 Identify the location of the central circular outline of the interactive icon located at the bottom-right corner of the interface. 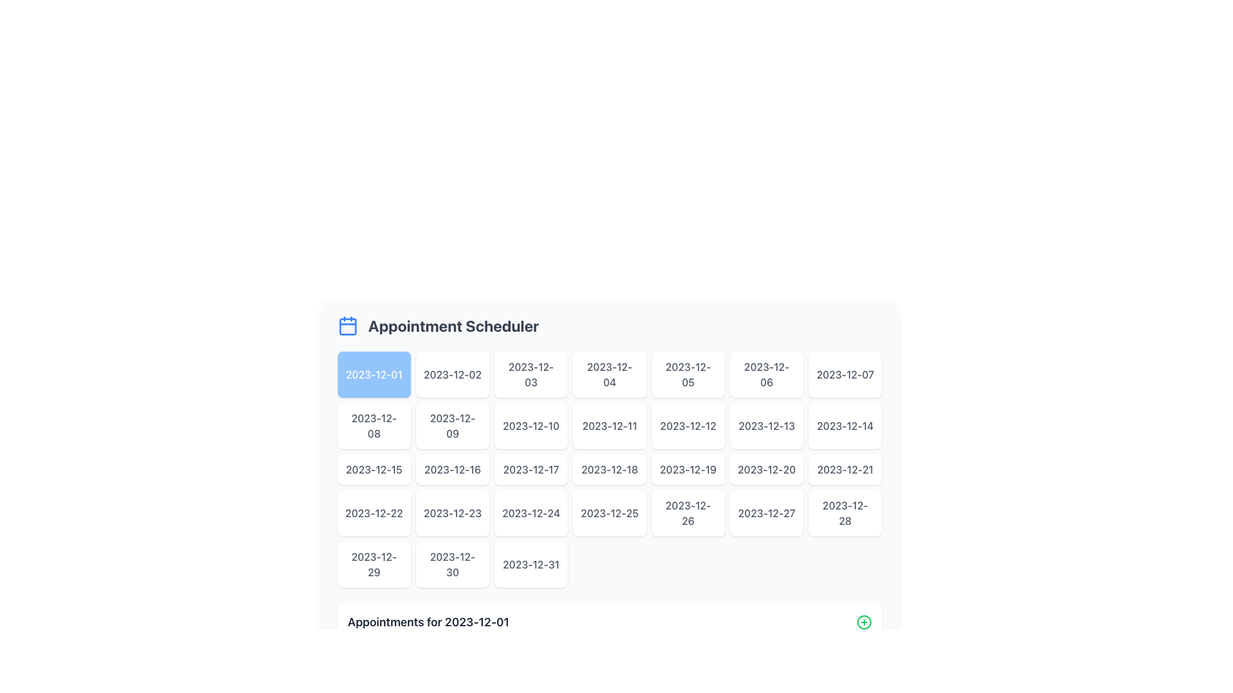
(864, 621).